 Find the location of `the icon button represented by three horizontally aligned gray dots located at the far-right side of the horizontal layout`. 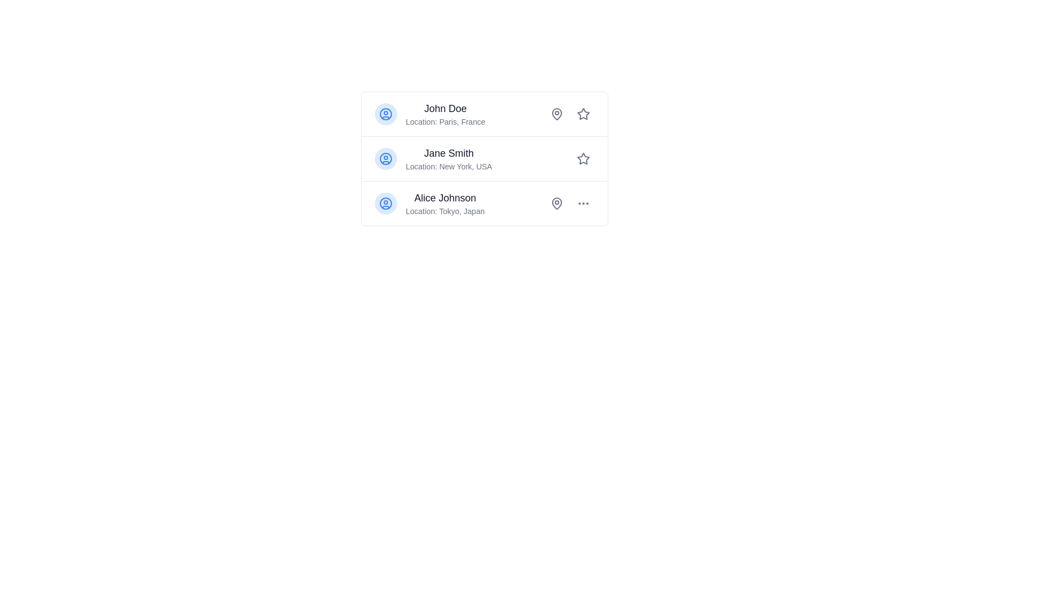

the icon button represented by three horizontally aligned gray dots located at the far-right side of the horizontal layout is located at coordinates (582, 204).